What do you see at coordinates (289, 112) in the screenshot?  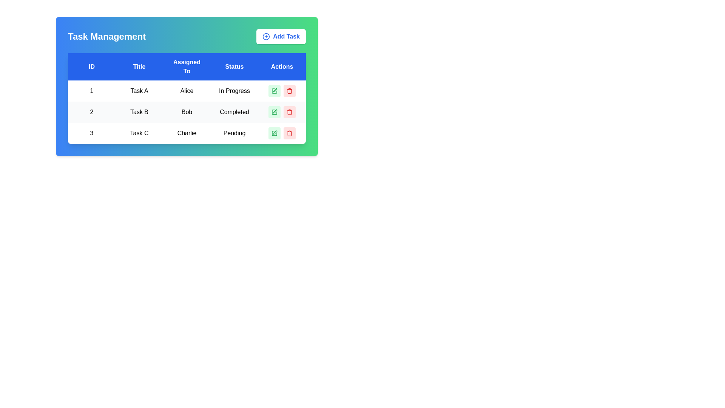 I see `the red circular delete button with a trash icon located in the second row of the 'Actions' column of the task management interface to observe the hover effect` at bounding box center [289, 112].